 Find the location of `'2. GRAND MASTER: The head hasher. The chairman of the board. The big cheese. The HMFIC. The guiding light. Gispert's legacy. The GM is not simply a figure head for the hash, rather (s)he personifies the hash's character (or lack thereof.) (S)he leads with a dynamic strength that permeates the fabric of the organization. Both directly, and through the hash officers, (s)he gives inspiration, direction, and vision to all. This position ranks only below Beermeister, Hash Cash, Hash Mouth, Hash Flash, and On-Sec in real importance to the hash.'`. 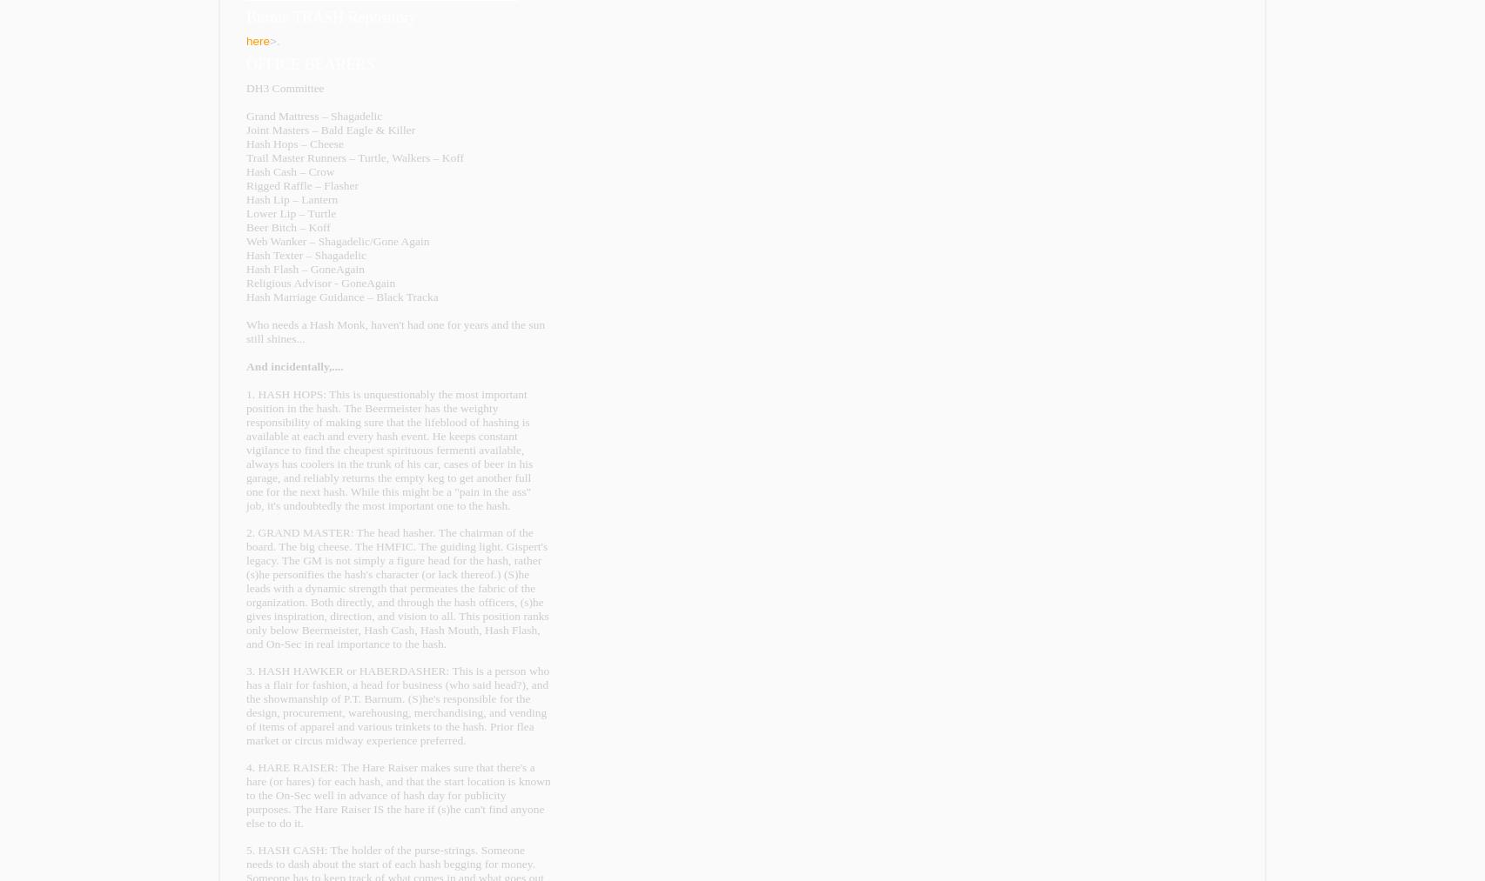

'2. GRAND MASTER: The head hasher. The chairman of the board. The big cheese. The HMFIC. The guiding light. Gispert's legacy. The GM is not simply a figure head for the hash, rather (s)he personifies the hash's character (or lack thereof.) (S)he leads with a dynamic strength that permeates the fabric of the organization. Both directly, and through the hash officers, (s)he gives inspiration, direction, and vision to all. This position ranks only below Beermeister, Hash Cash, Hash Mouth, Hash Flash, and On-Sec in real importance to the hash.' is located at coordinates (396, 587).